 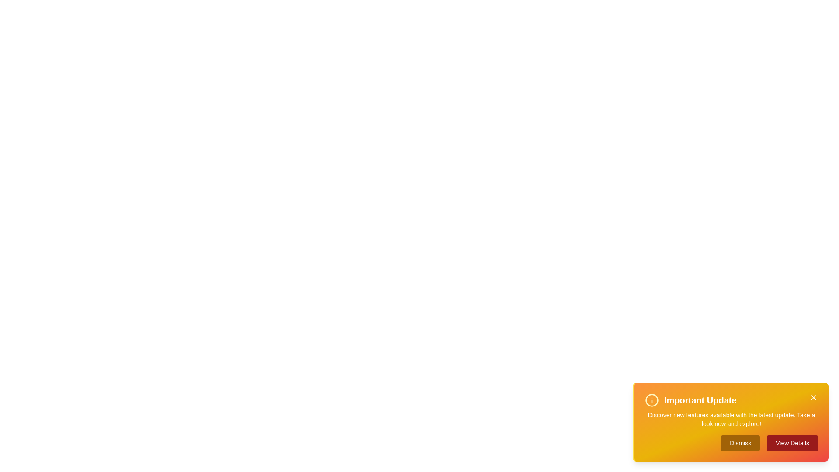 What do you see at coordinates (792, 443) in the screenshot?
I see `the 'View Details' button to navigate to the details page` at bounding box center [792, 443].